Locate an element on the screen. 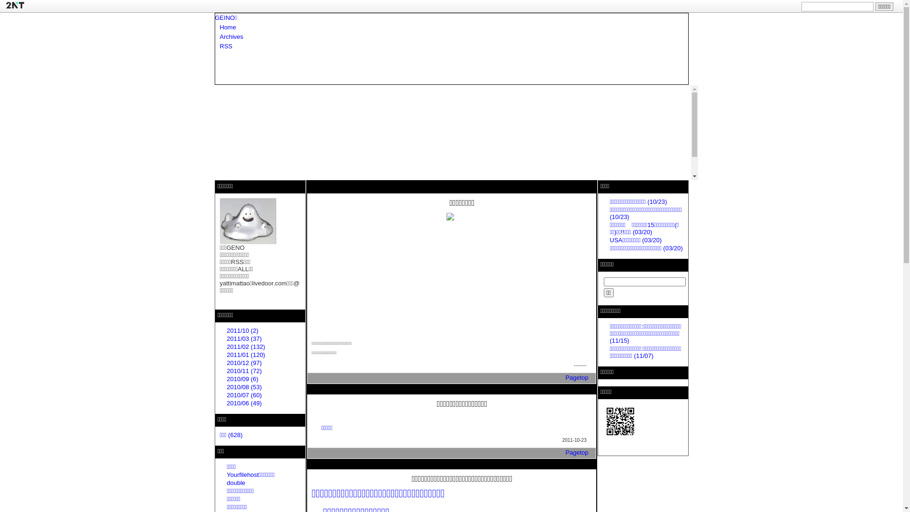  'Pagetop' is located at coordinates (576, 452).